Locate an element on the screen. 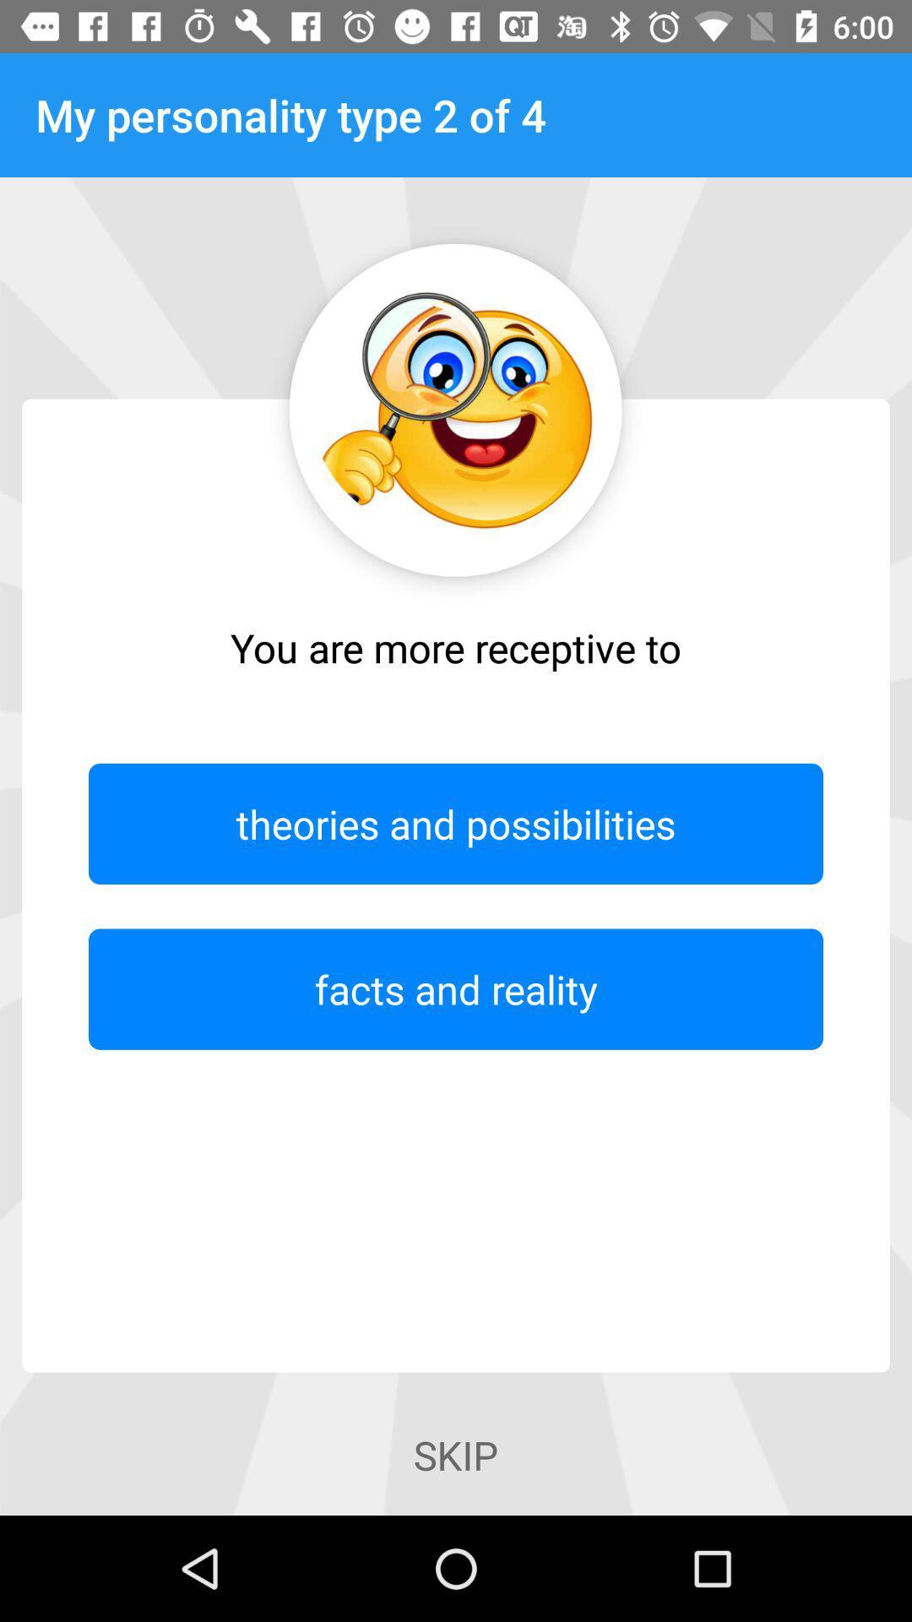 The image size is (912, 1622). the facts and reality is located at coordinates (456, 989).